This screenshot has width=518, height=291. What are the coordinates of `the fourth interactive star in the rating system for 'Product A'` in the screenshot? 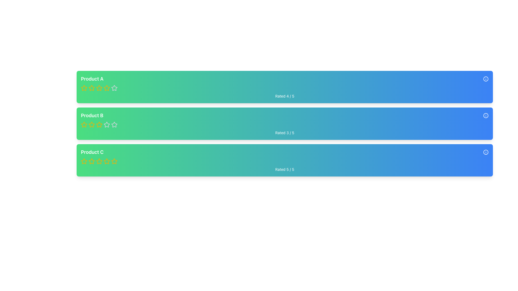 It's located at (99, 88).